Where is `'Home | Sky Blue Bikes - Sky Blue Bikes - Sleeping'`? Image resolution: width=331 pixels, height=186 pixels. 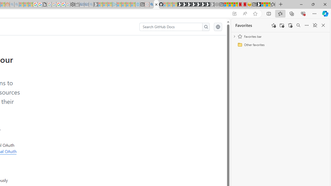
'Home | Sky Blue Bikes - Sky Blue Bikes - Sleeping' is located at coordinates (138, 4).